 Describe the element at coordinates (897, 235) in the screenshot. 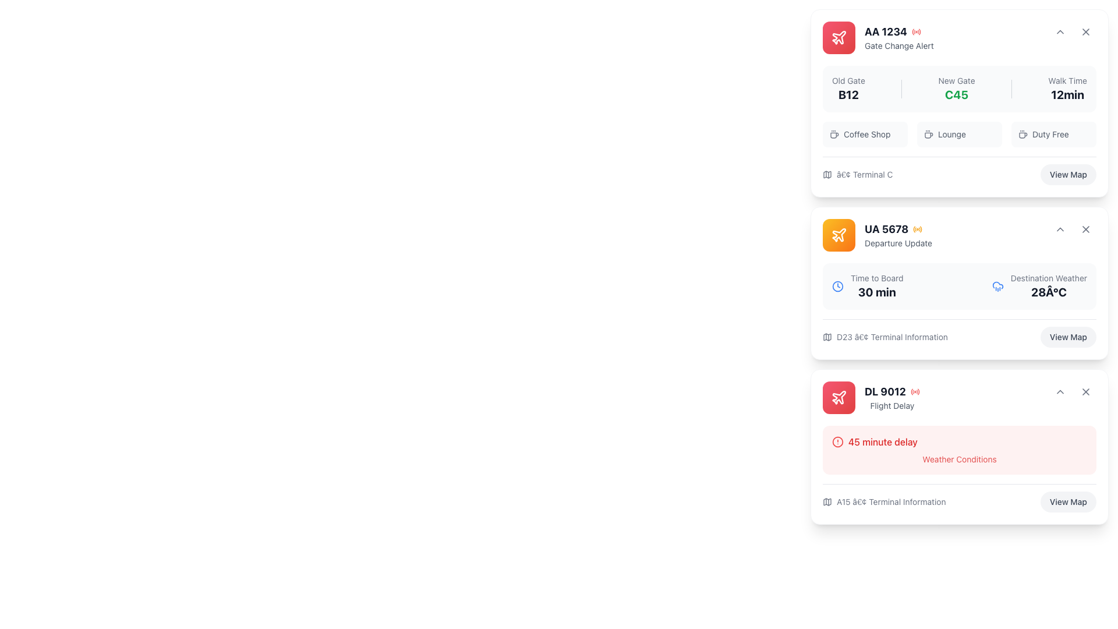

I see `text block containing the title 'UA 5678' and subtitle 'Departure Update', which is located in the second card from the top in the right column of the interface` at that location.